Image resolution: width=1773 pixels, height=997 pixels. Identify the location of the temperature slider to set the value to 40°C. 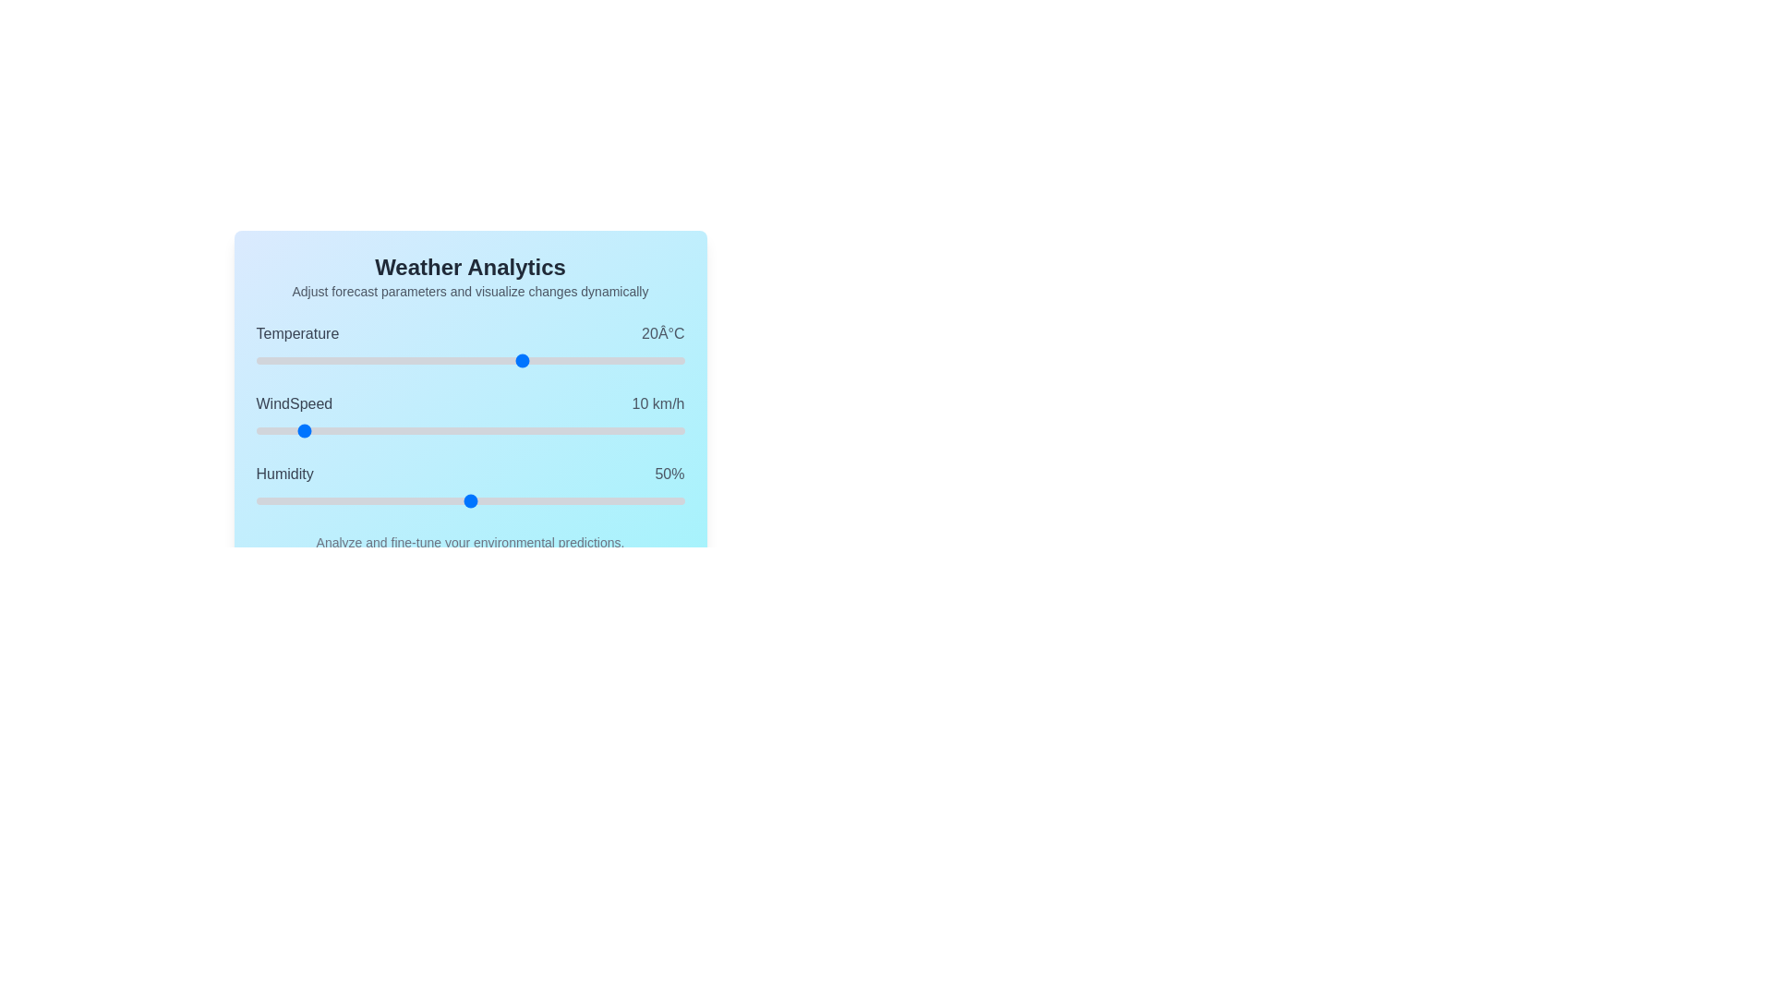
(631, 360).